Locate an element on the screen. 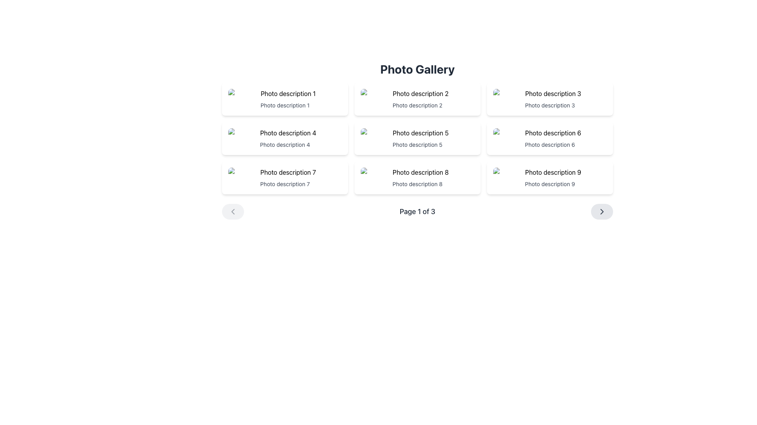 This screenshot has height=425, width=757. the photo entry card located in the top-left corner of the grid layout is located at coordinates (285, 98).